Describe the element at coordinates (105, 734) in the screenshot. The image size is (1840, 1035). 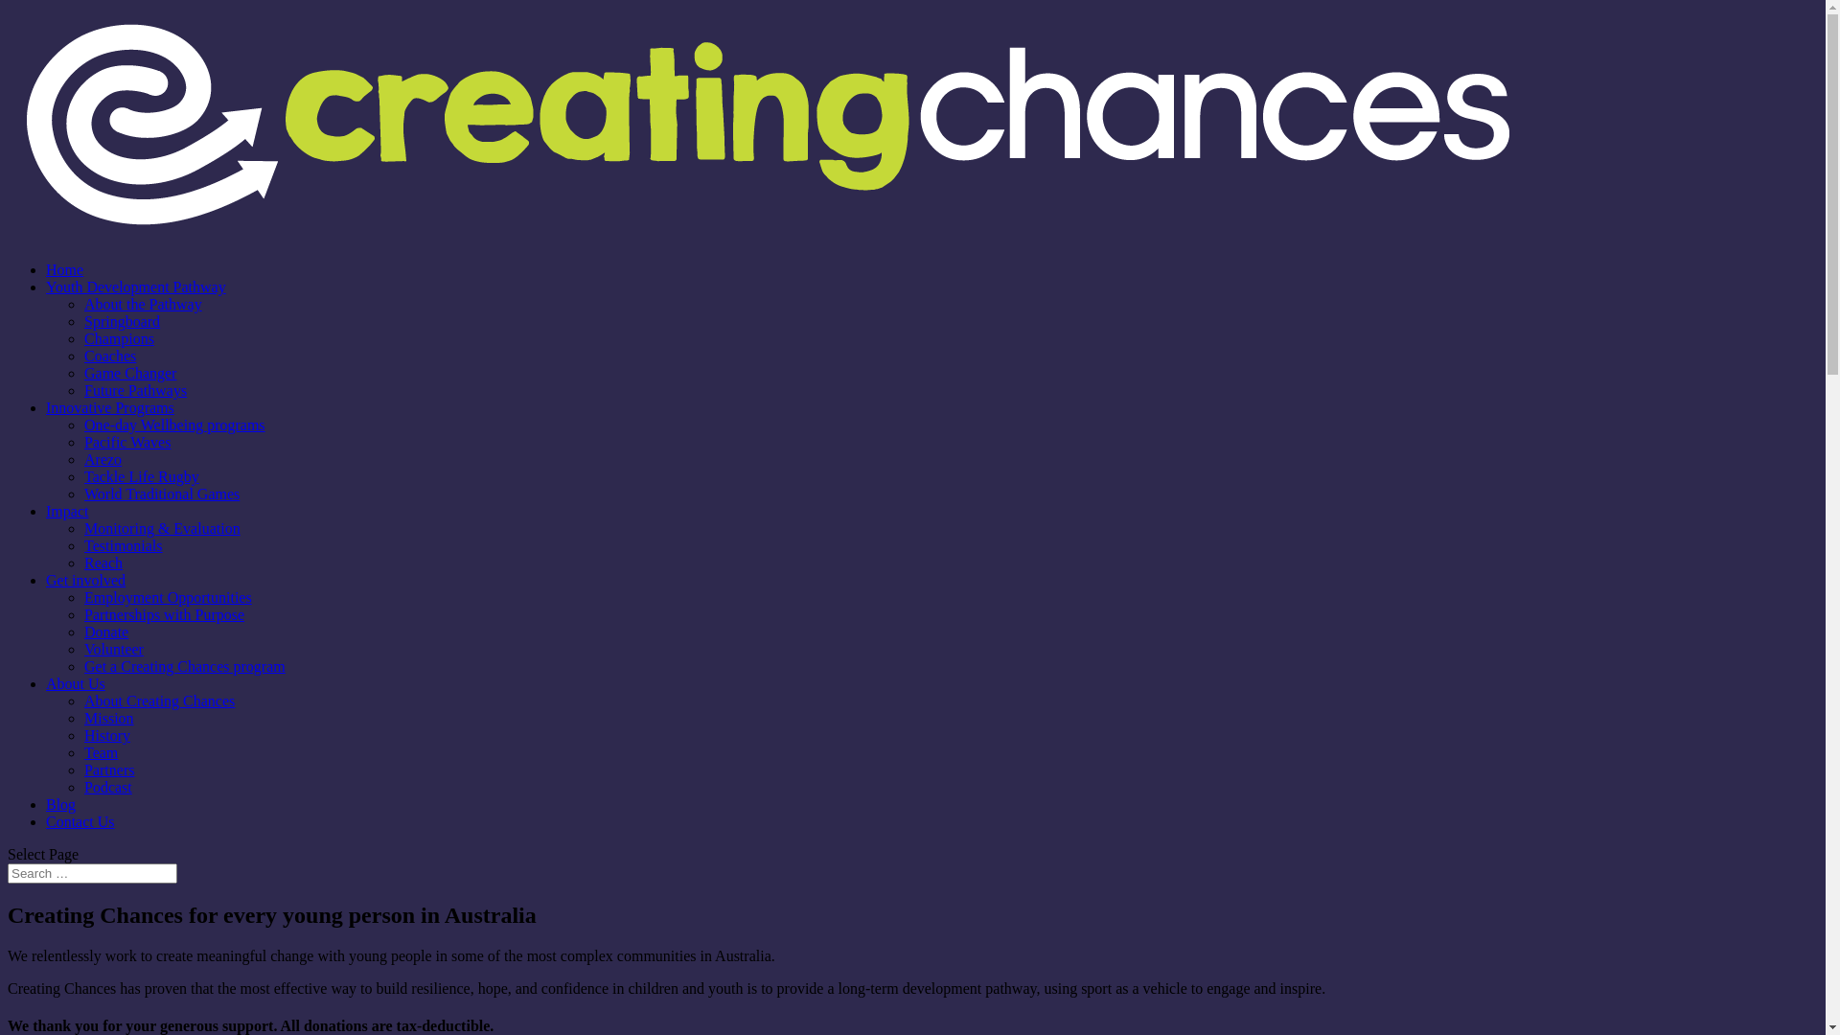
I see `'History'` at that location.